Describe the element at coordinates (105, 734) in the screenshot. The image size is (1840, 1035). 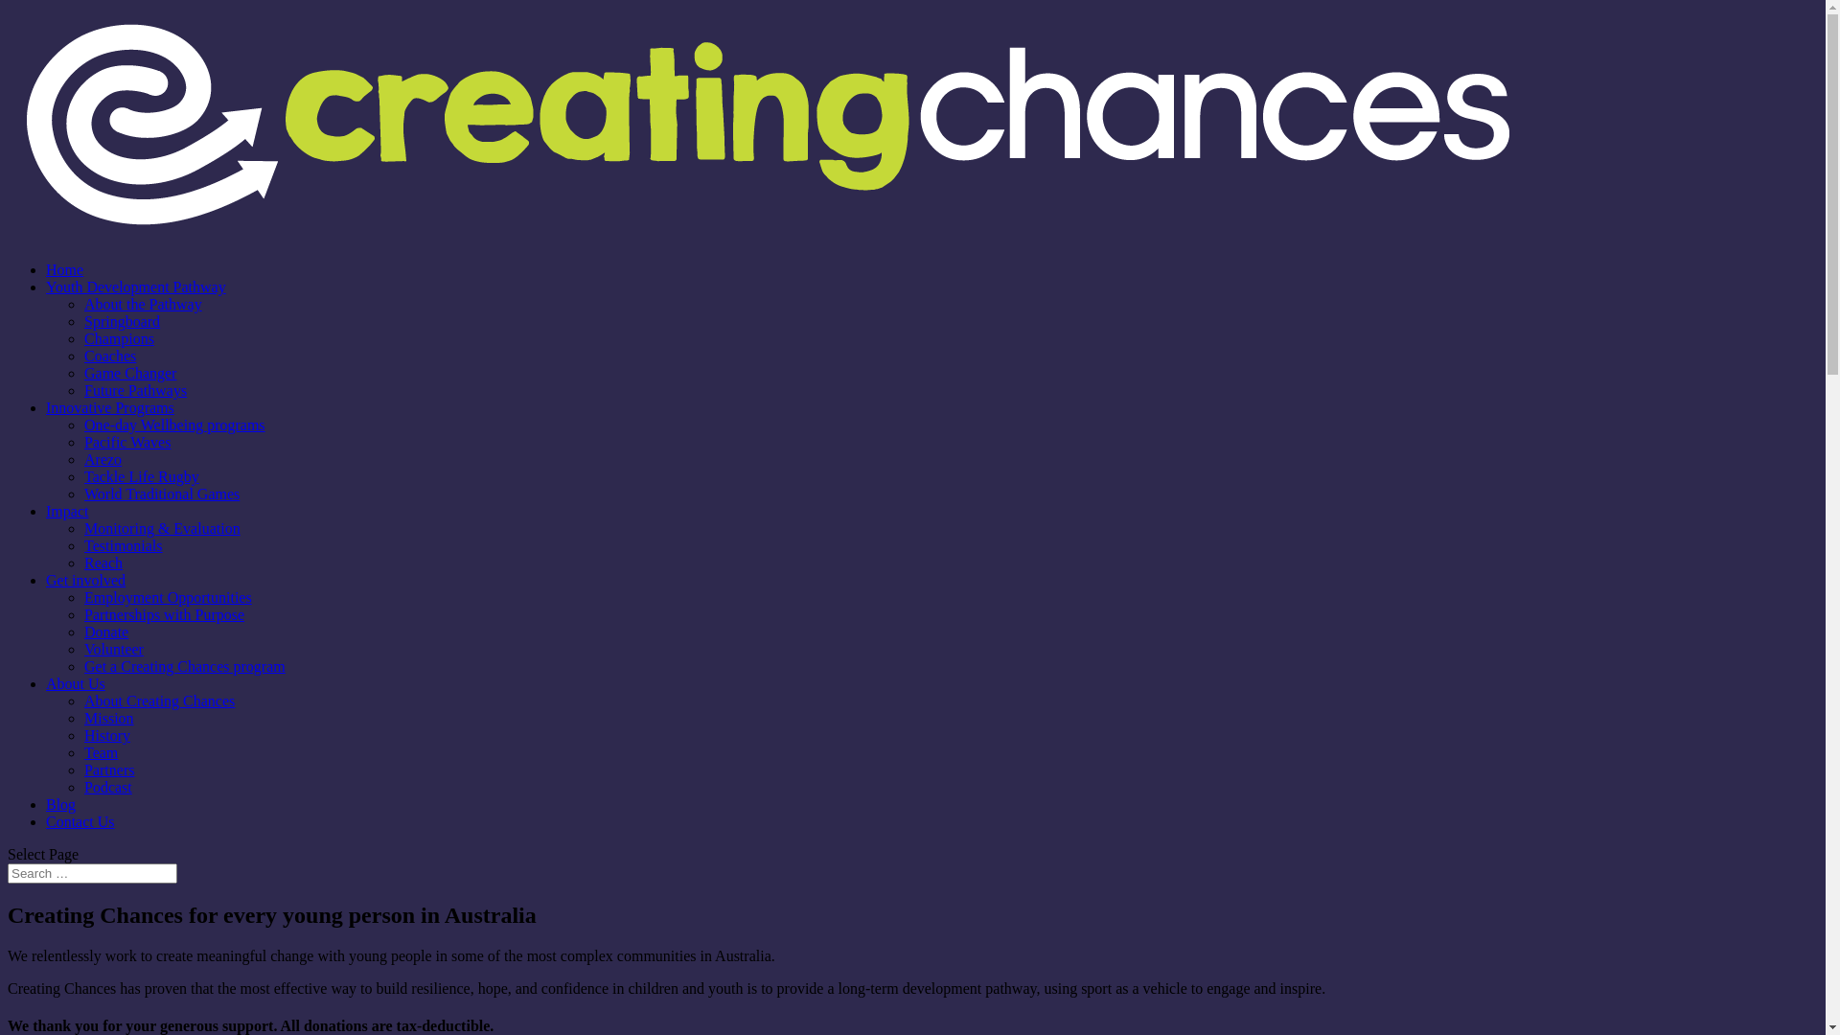
I see `'History'` at that location.